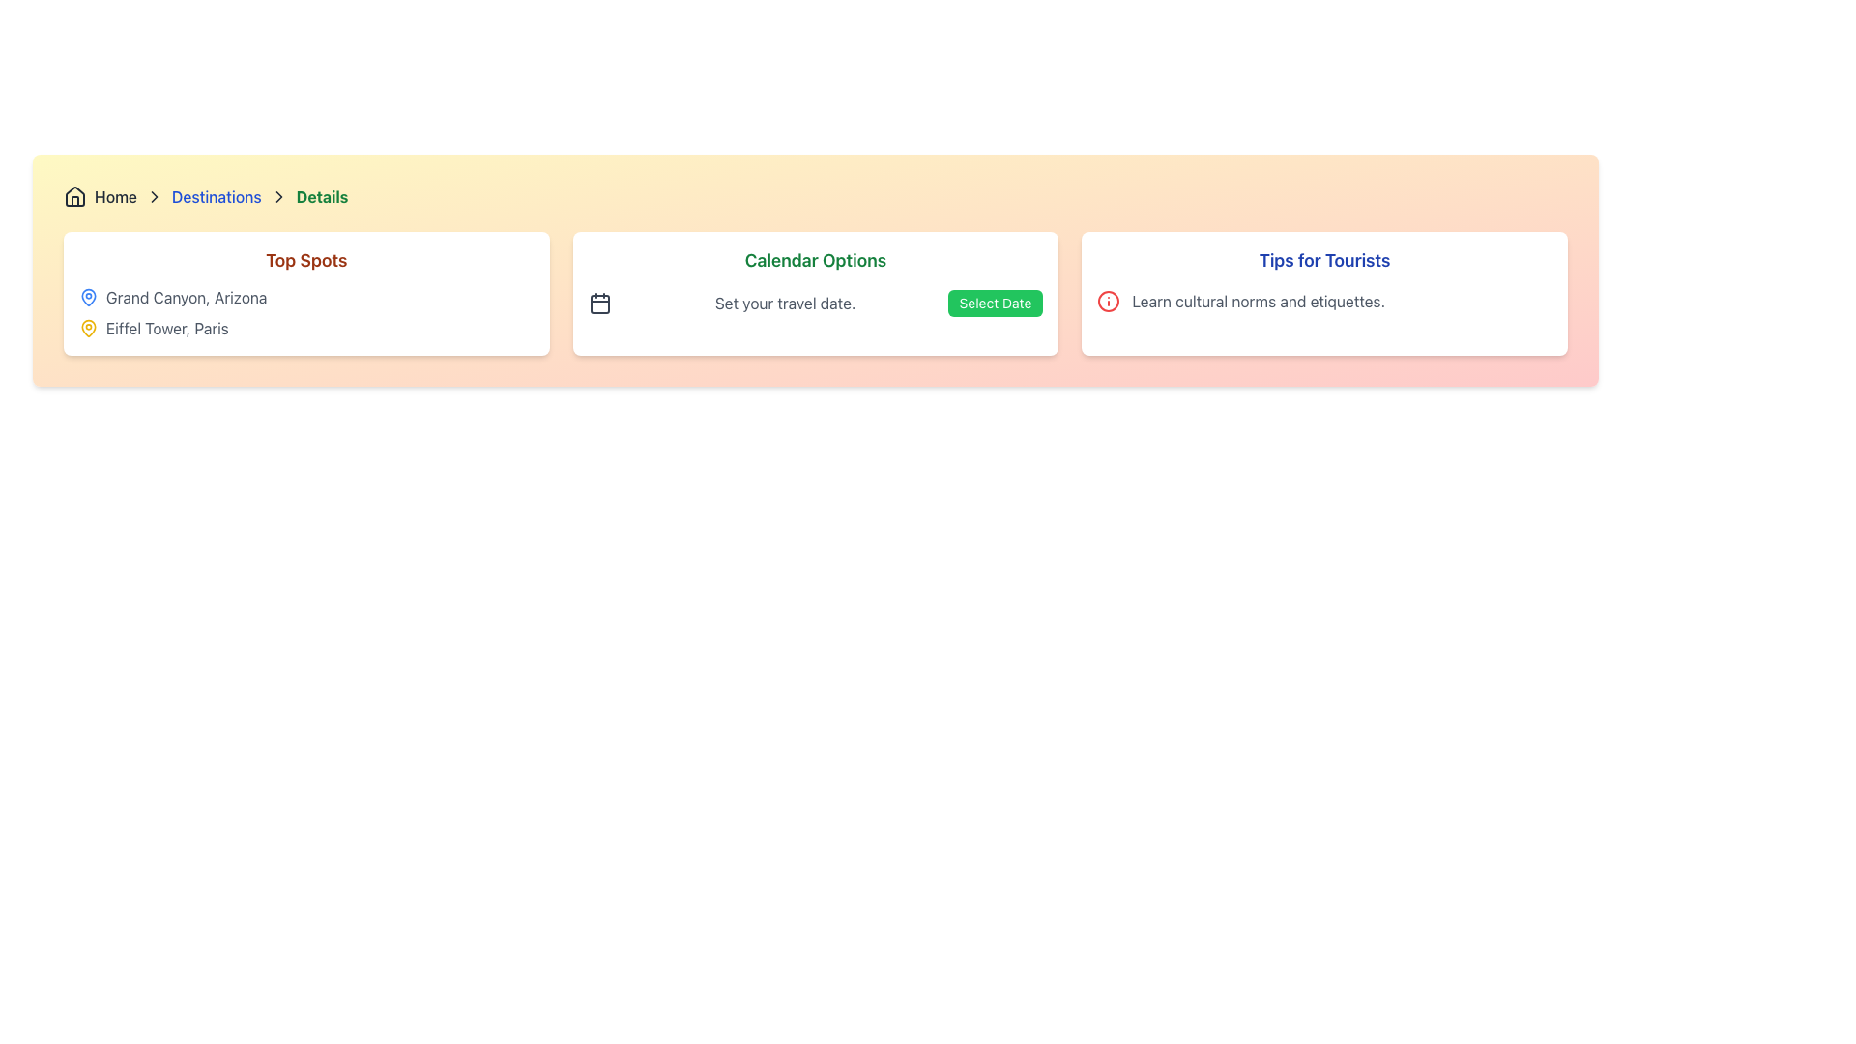 Image resolution: width=1856 pixels, height=1044 pixels. Describe the element at coordinates (87, 298) in the screenshot. I see `the blue map pin icon located adjacent to the text 'Grand Canyon, Arizona' in the 'Top Spots' list` at that location.